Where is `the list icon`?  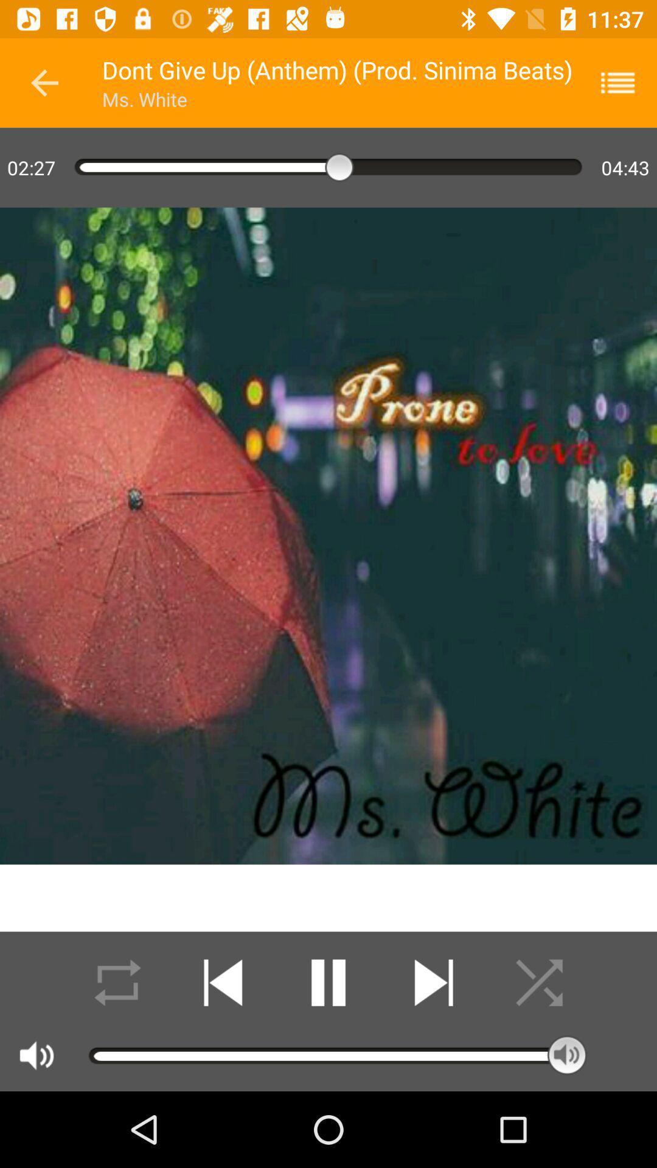 the list icon is located at coordinates (625, 82).